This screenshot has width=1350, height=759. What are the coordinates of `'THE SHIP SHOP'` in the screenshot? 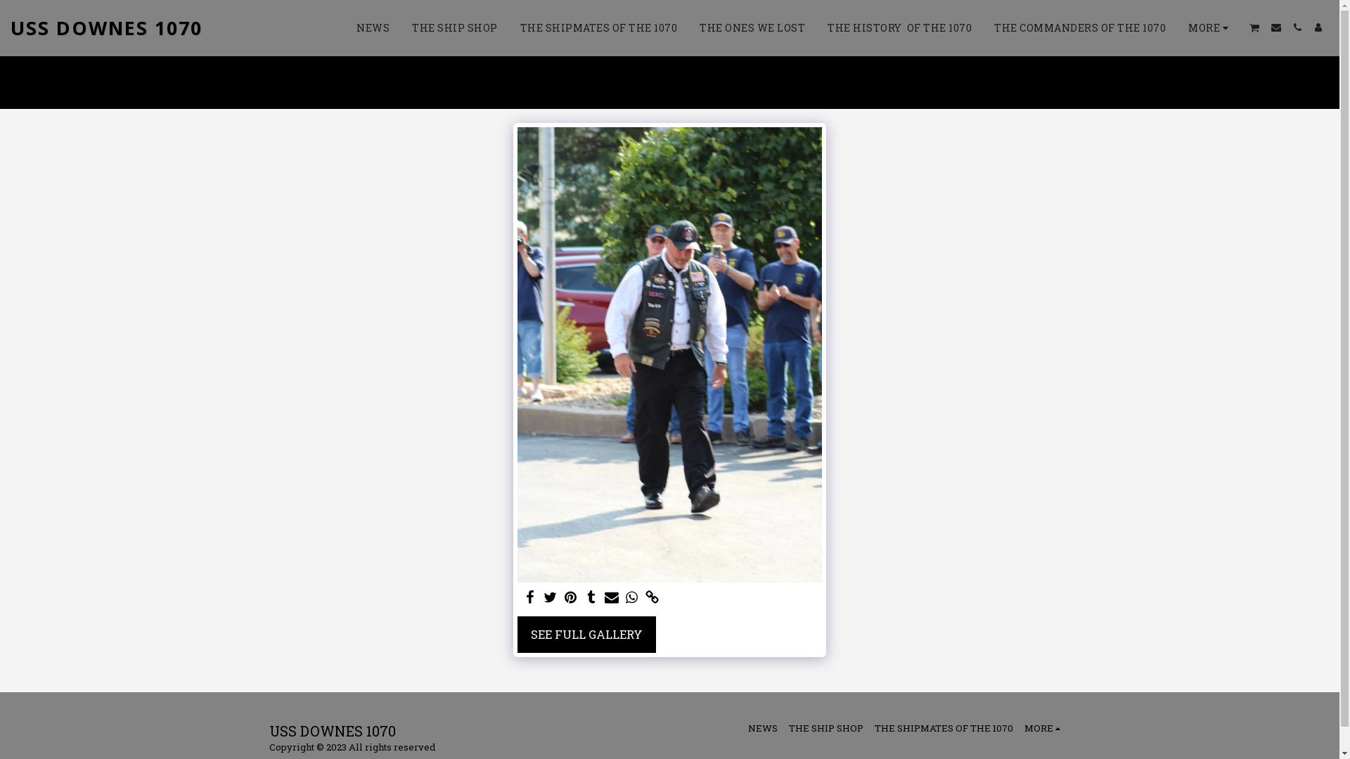 It's located at (455, 27).